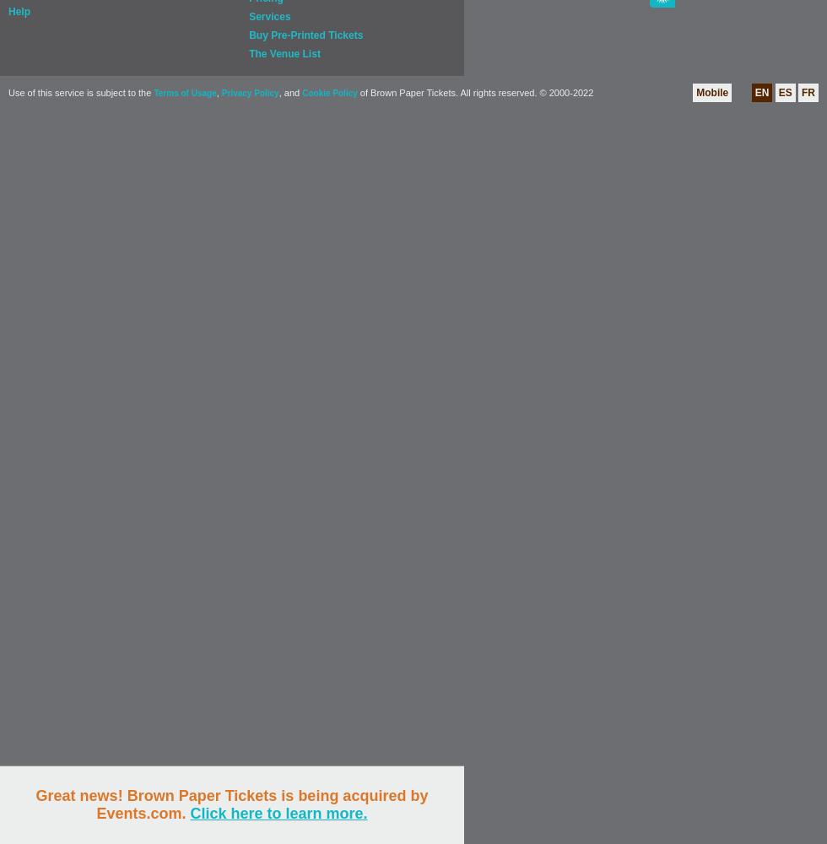 The width and height of the screenshot is (827, 844). I want to click on ', and', so click(278, 92).